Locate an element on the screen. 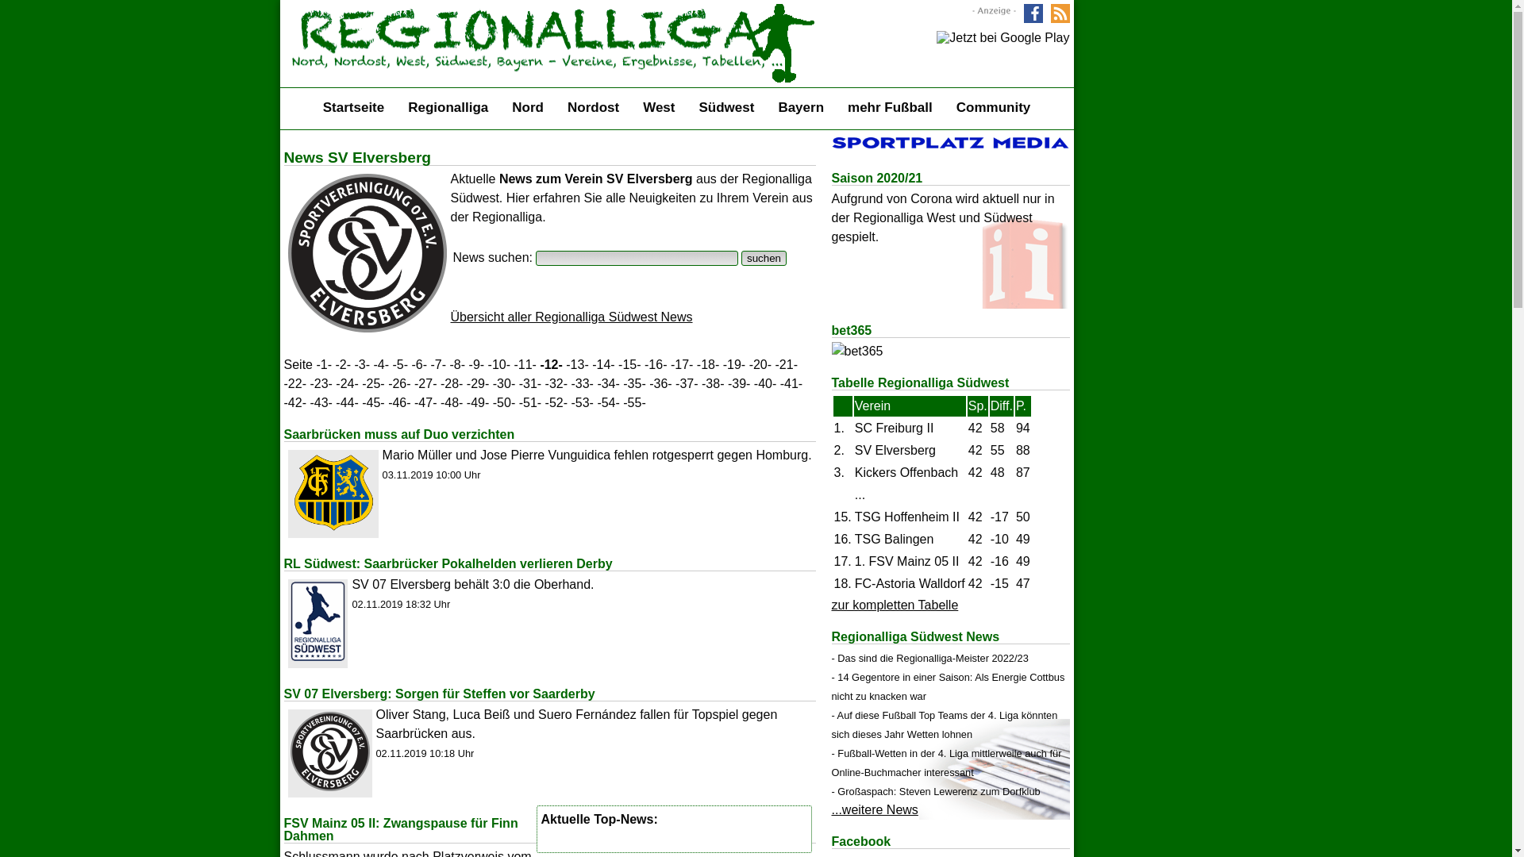 This screenshot has height=857, width=1524. '-44-' is located at coordinates (345, 402).